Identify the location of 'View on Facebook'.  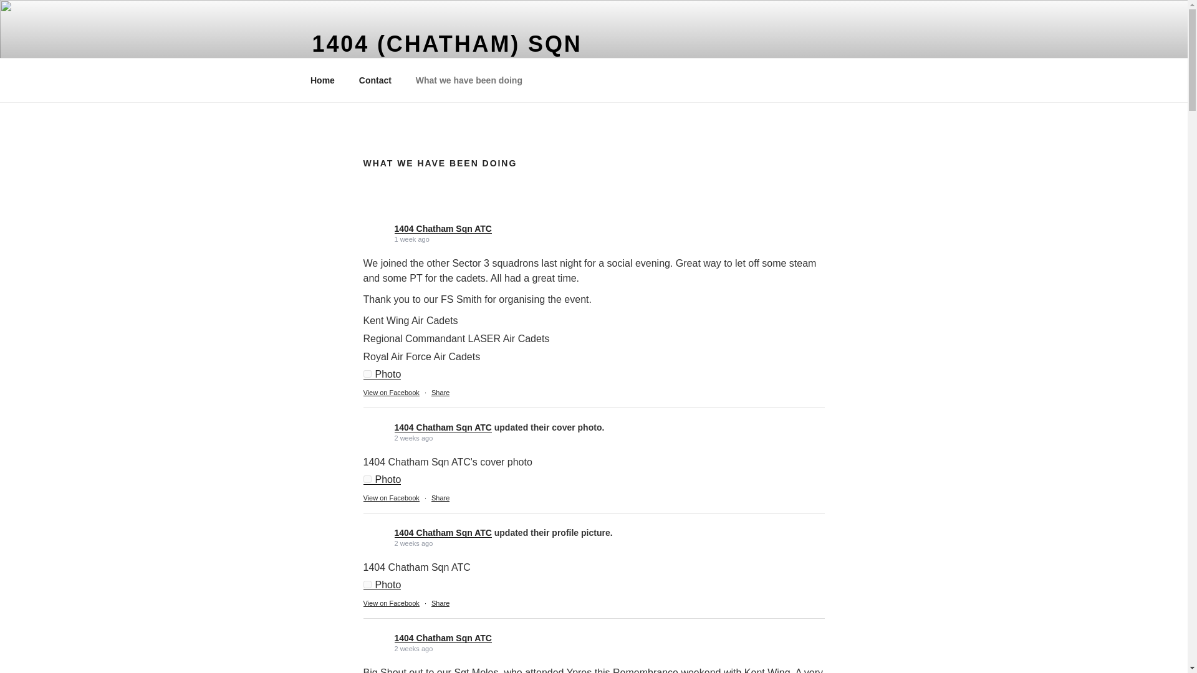
(390, 391).